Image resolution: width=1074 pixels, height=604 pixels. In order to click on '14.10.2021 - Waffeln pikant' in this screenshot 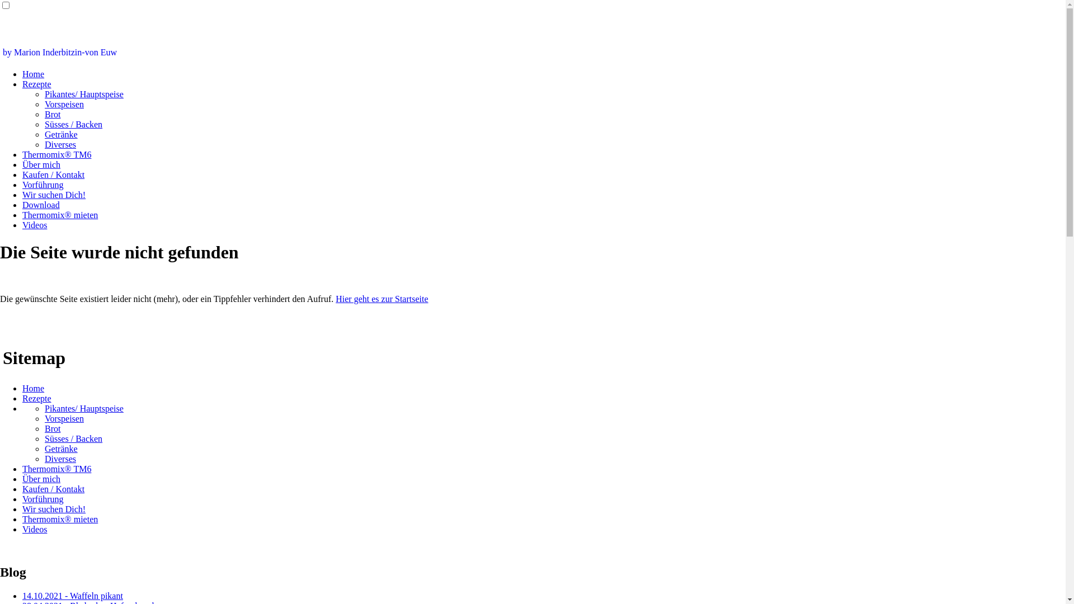, I will do `click(72, 595)`.